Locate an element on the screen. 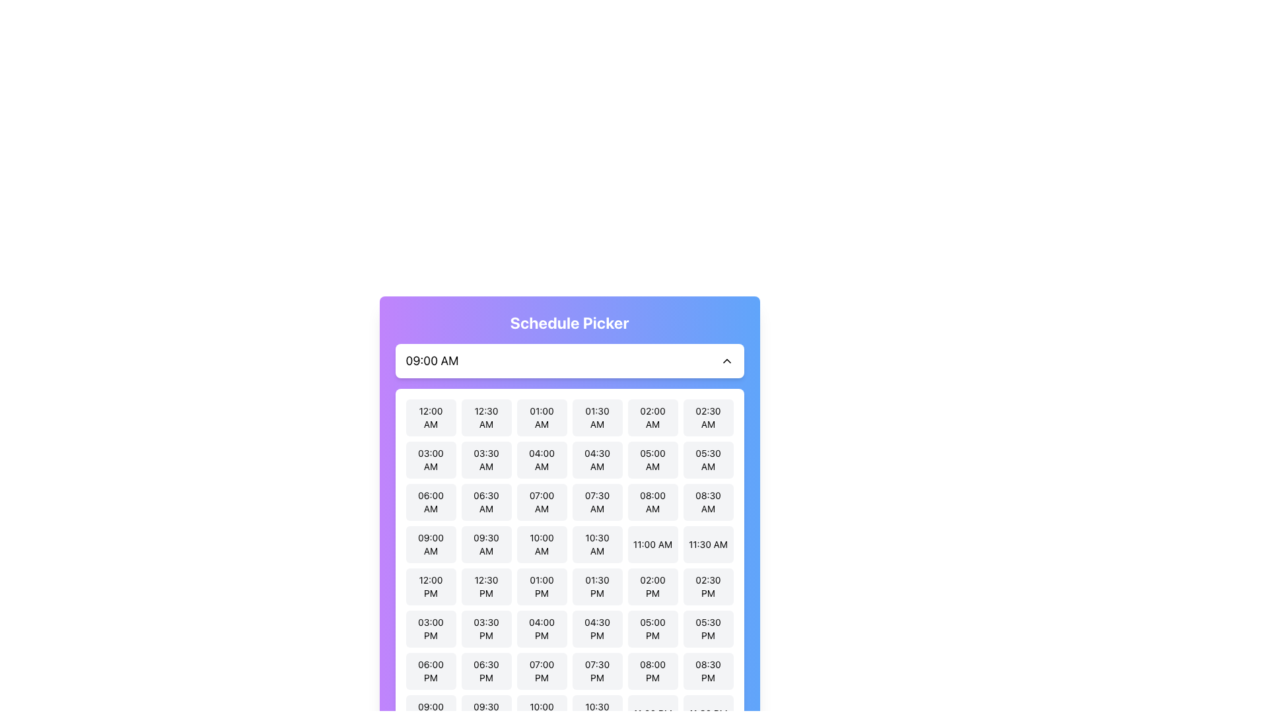  the button in the time picker interface is located at coordinates (542, 502).